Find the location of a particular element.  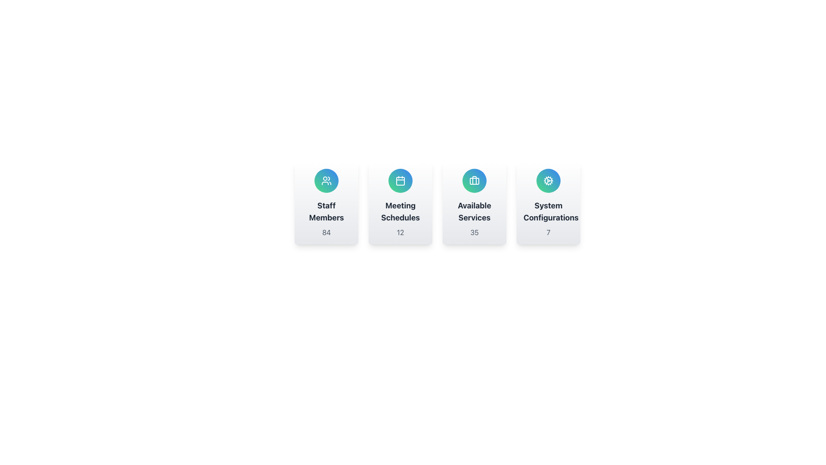

the central rectangle of the calendar icon representing 'Meeting Schedules', which is the main body of the icon located in the second card from the left is located at coordinates (400, 180).